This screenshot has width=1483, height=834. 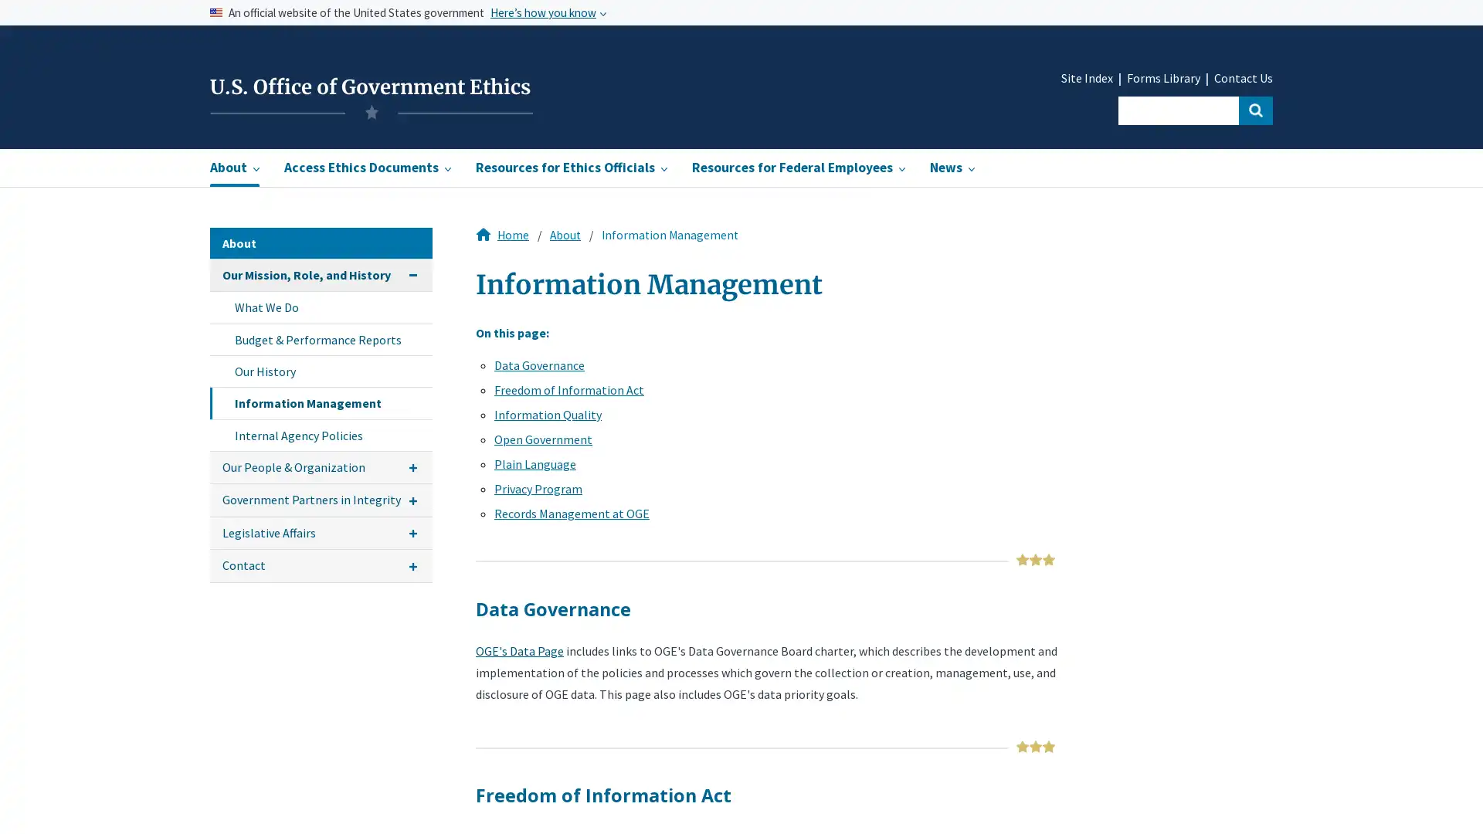 What do you see at coordinates (321, 273) in the screenshot?
I see `Our Mission, Role, and History` at bounding box center [321, 273].